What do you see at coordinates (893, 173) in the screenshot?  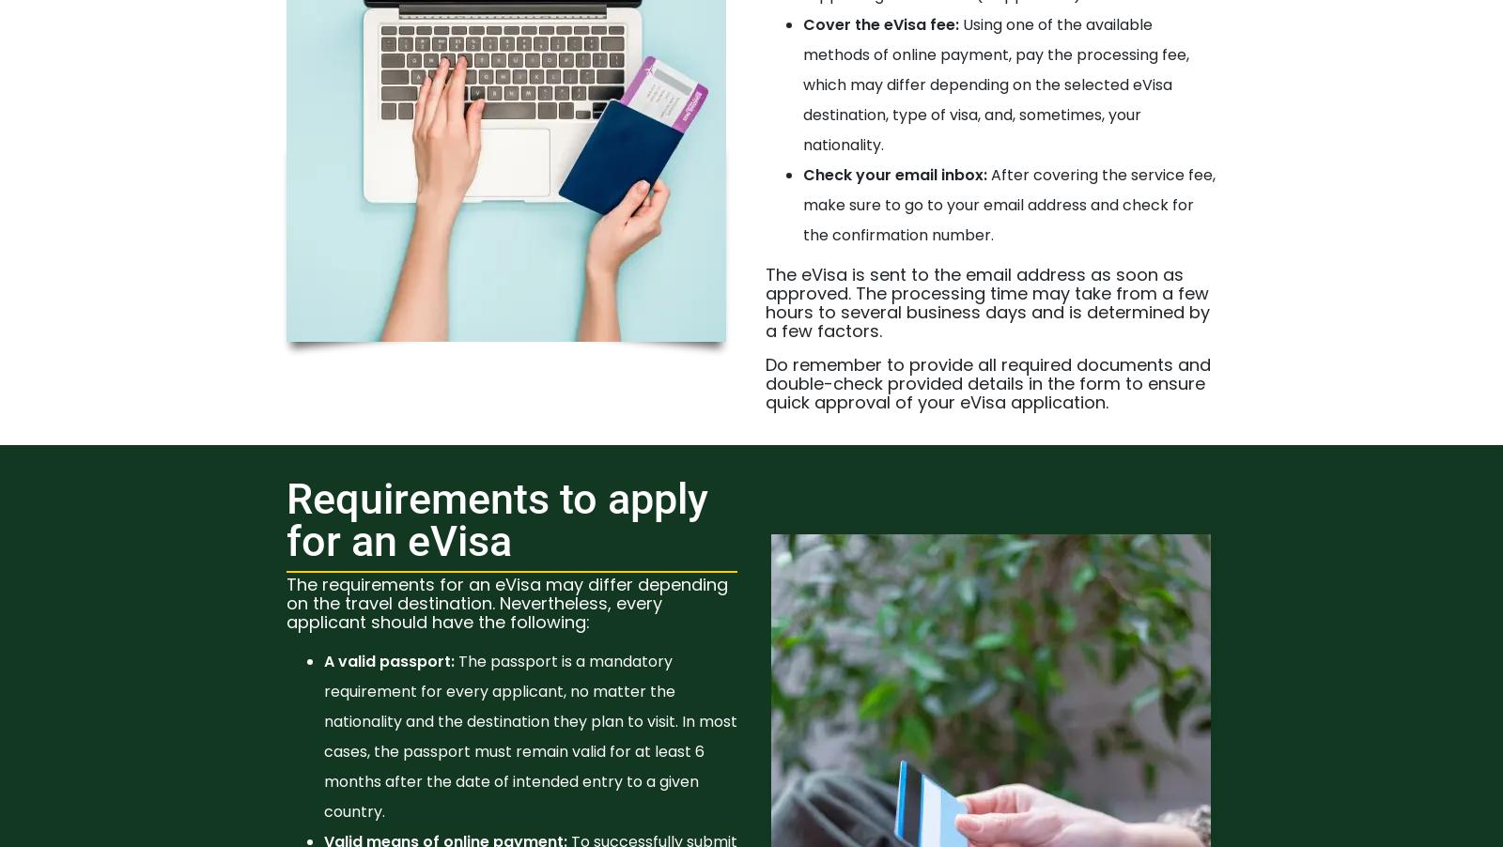 I see `'Check your email inbox:'` at bounding box center [893, 173].